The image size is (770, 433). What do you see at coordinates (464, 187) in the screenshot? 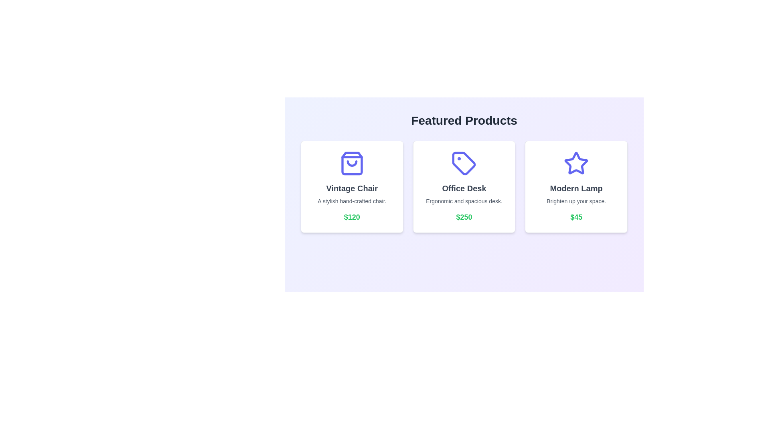
I see `the 'Office Desk' product card located in the middle column of the grid layout, which provides details about the product including its name, description, and price` at bounding box center [464, 187].